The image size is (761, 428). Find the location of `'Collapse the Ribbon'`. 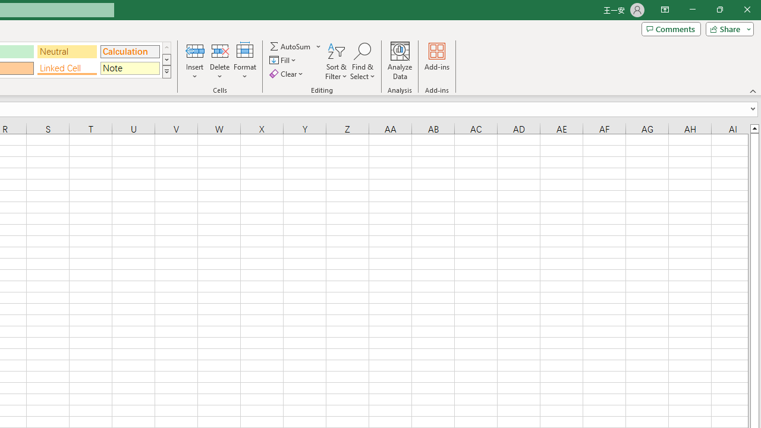

'Collapse the Ribbon' is located at coordinates (753, 90).